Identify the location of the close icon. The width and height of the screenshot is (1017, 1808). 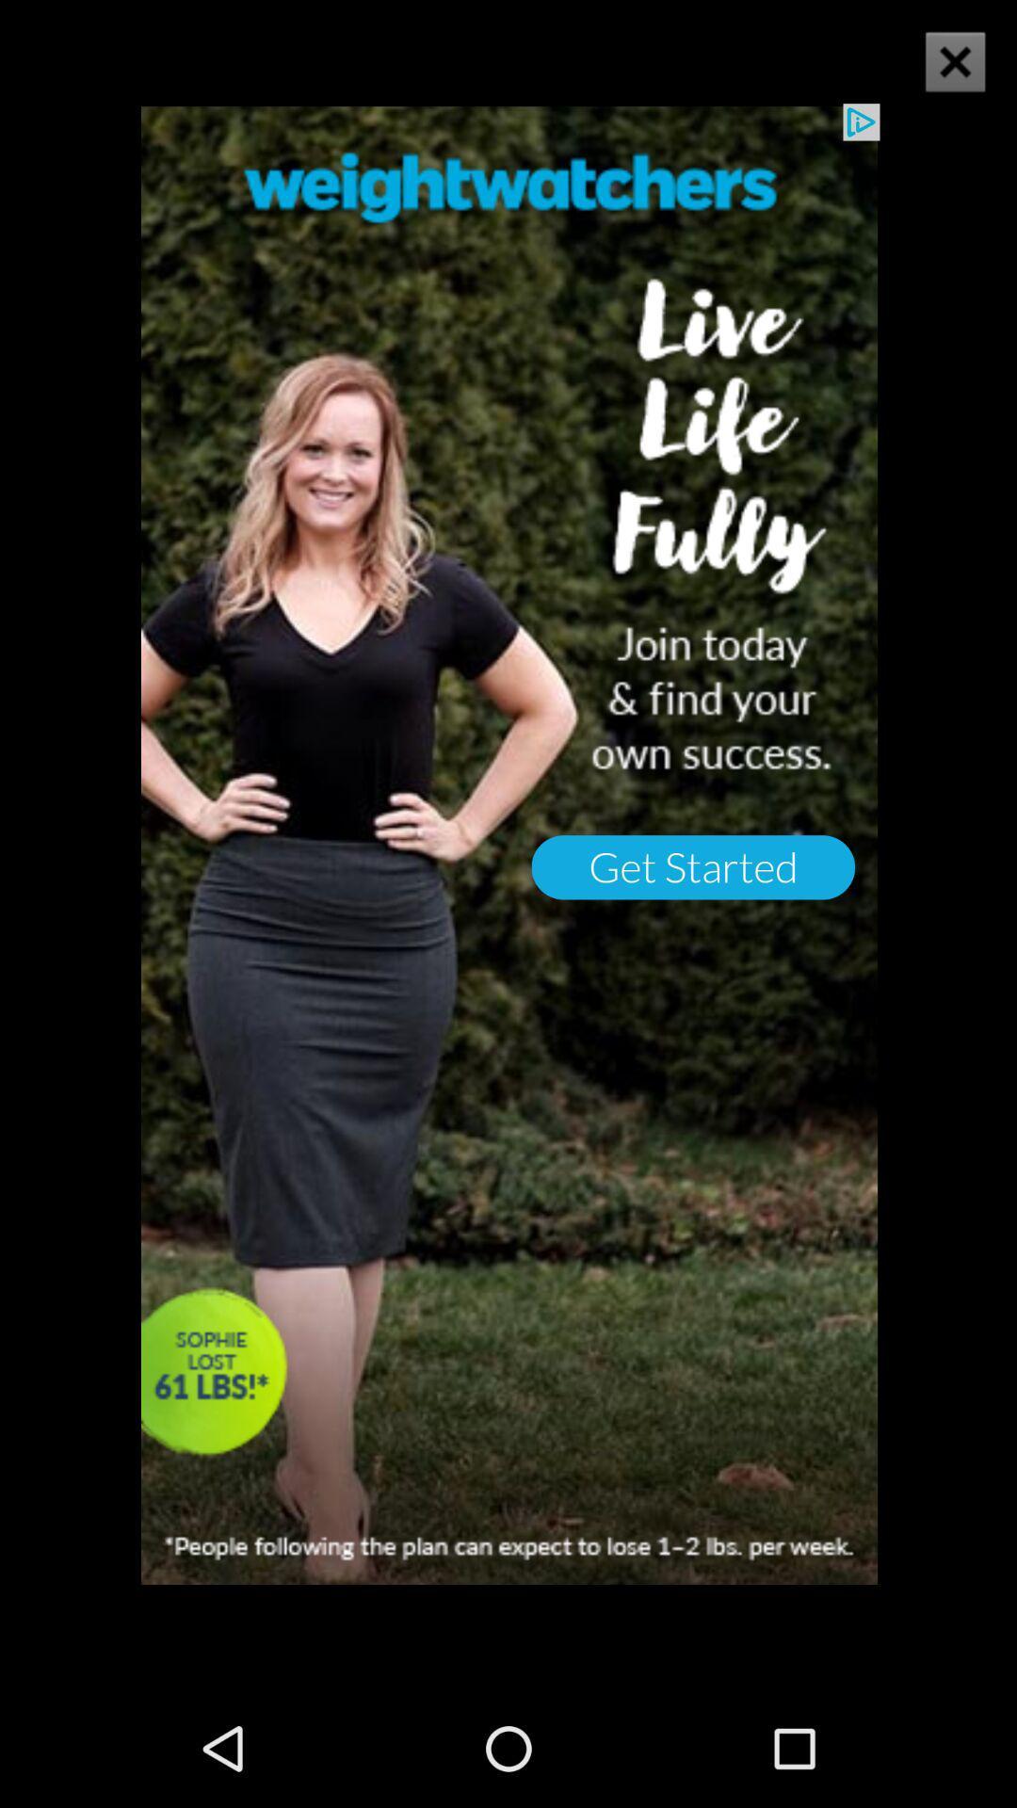
(955, 66).